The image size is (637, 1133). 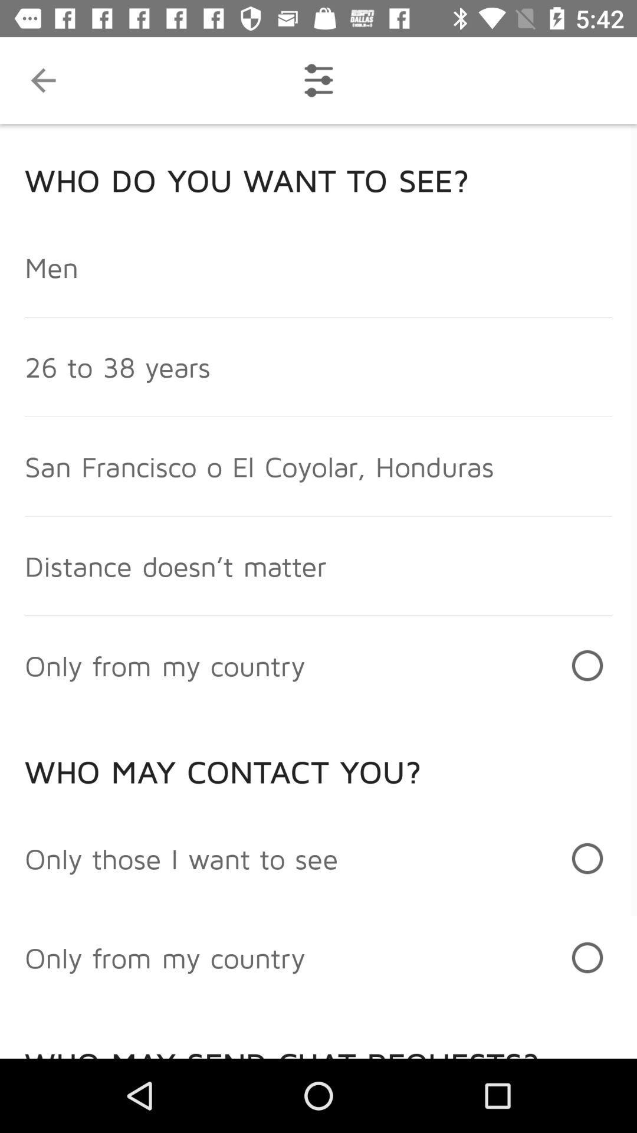 I want to click on the item above who do you item, so click(x=42, y=80).